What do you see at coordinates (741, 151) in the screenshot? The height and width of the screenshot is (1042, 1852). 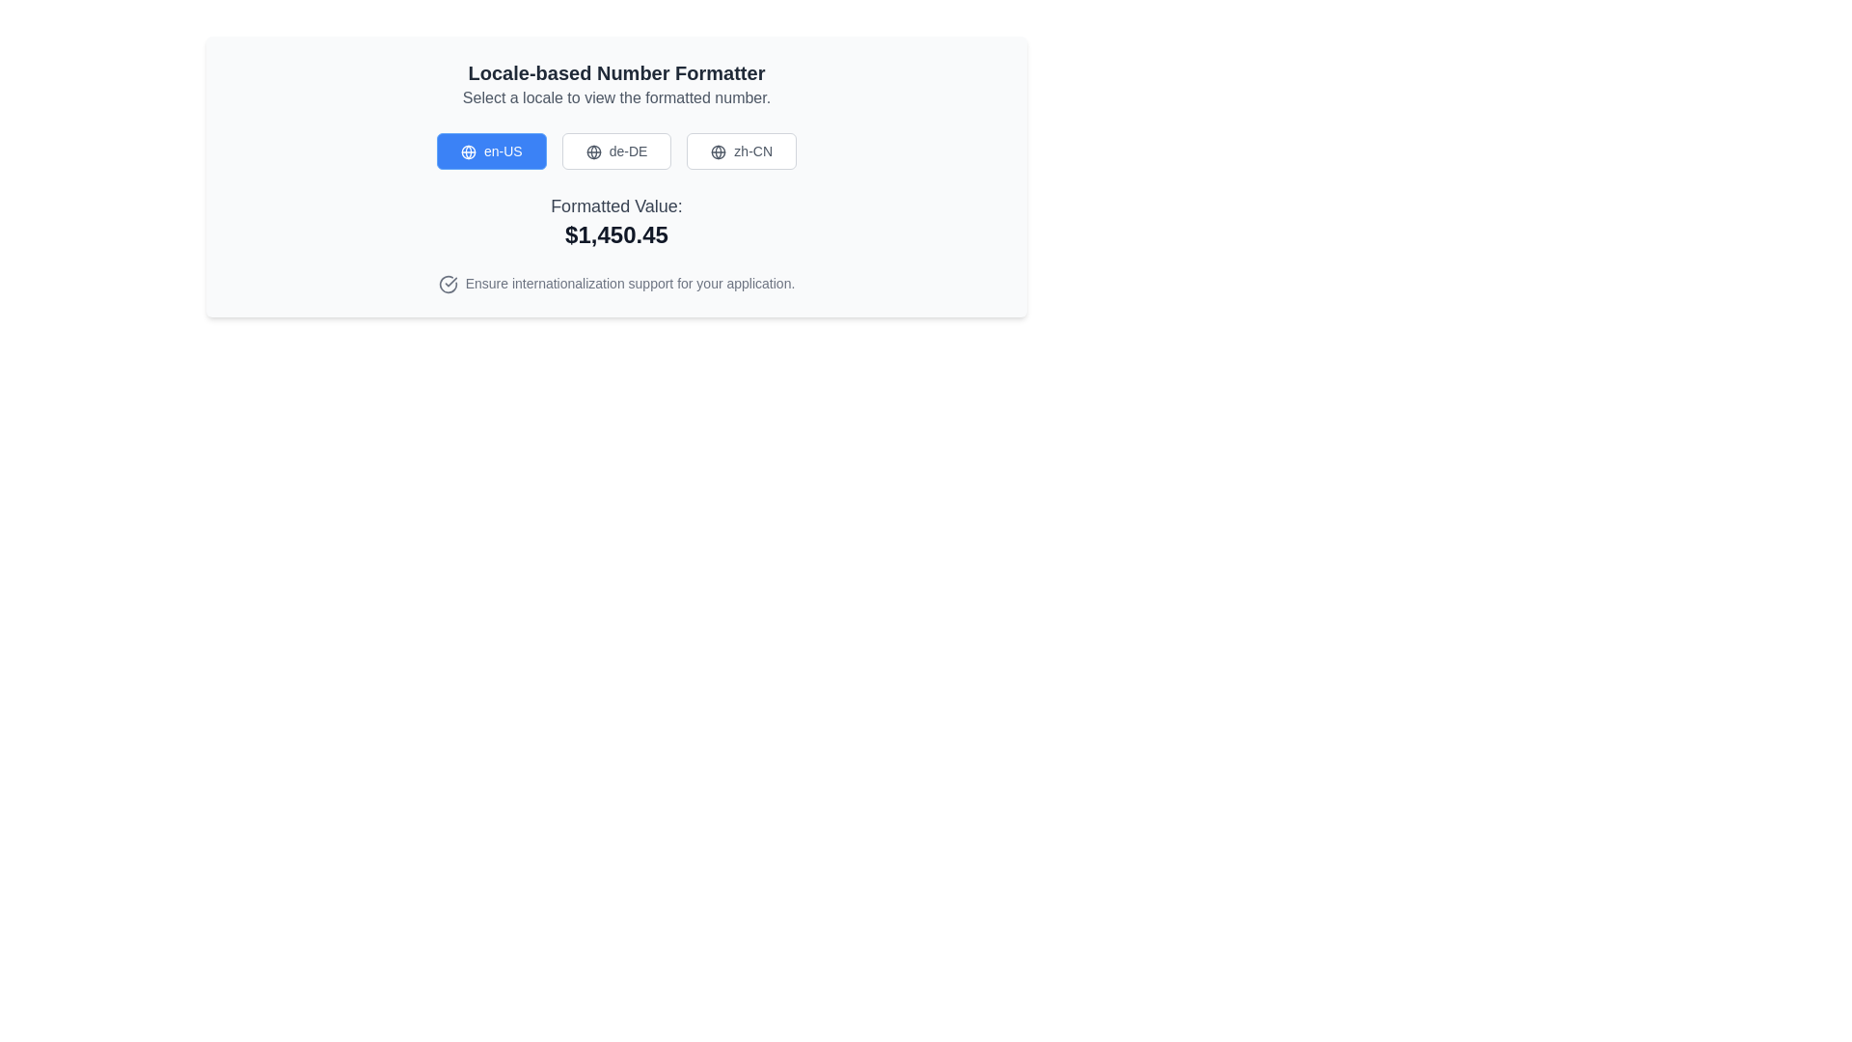 I see `the 'zh-CN' button, which is the rightmost button among three horizontally arranged buttons labeled 'en-US', 'de-DE', and 'zh-CN'` at bounding box center [741, 151].